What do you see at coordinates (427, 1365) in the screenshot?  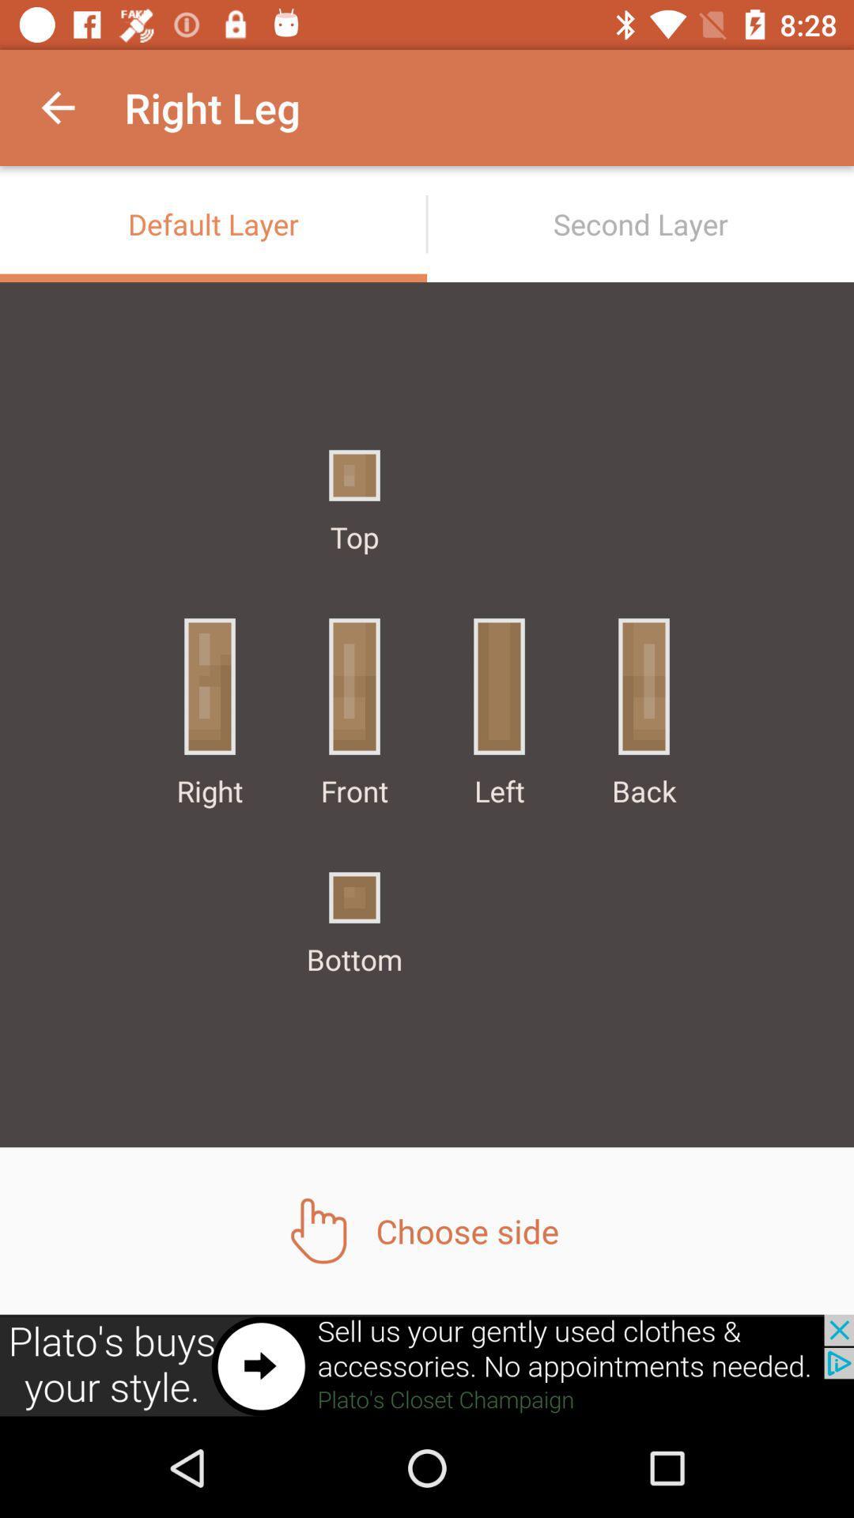 I see `go back` at bounding box center [427, 1365].